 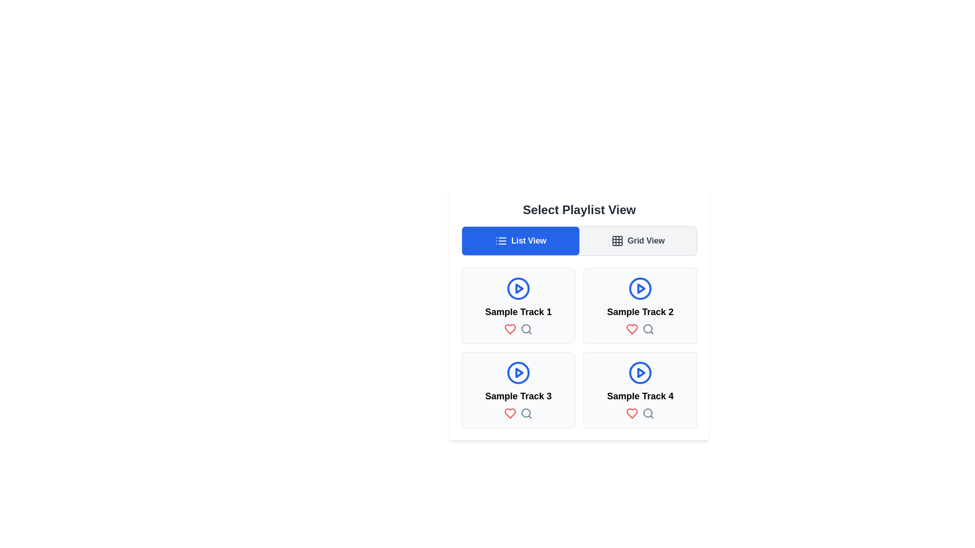 I want to click on the triangular play icon centered within the circular outline on the 'Sample Track 1' card to play the associated track, so click(x=640, y=289).